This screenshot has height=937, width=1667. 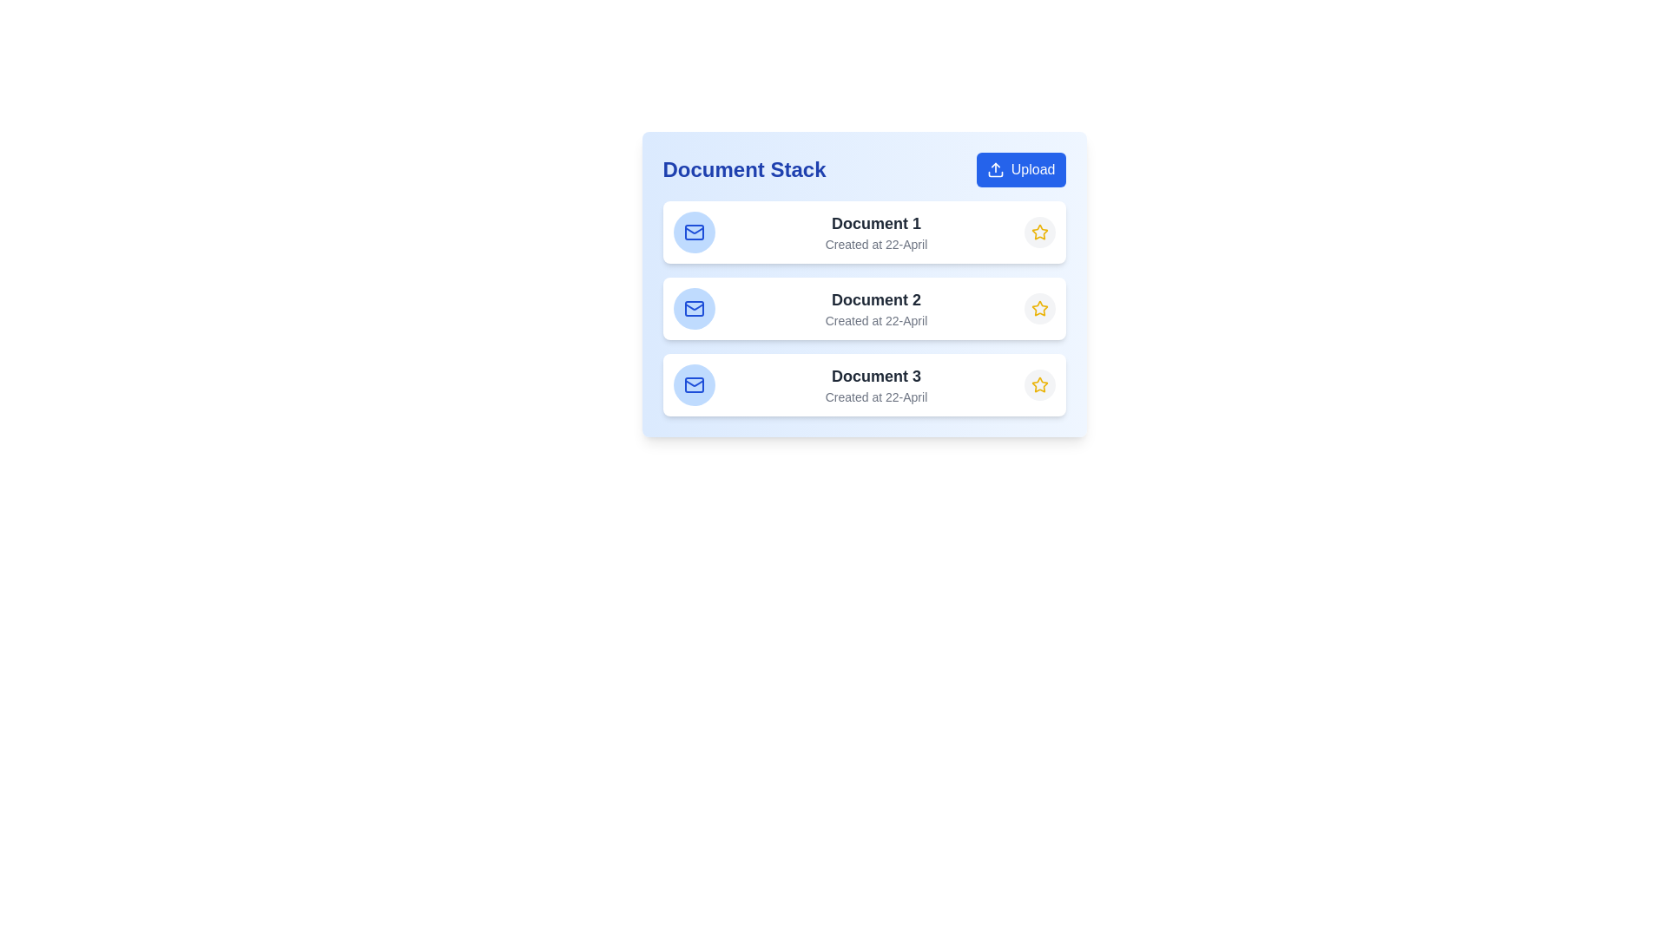 I want to click on the document card at the top of the Document Stack list, so click(x=864, y=231).